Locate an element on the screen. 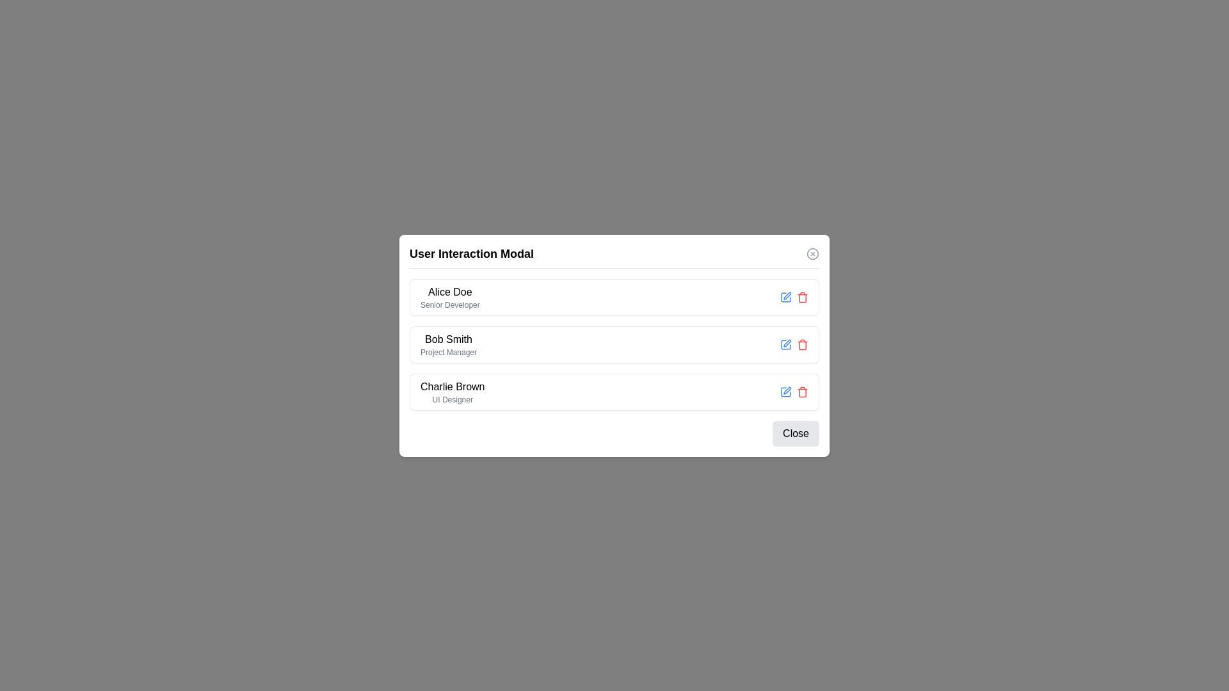  text from the two-line text block displaying 'Charlie Brown' in bold above 'UI Designer' within the 'User Interaction Modal' is located at coordinates (453, 391).